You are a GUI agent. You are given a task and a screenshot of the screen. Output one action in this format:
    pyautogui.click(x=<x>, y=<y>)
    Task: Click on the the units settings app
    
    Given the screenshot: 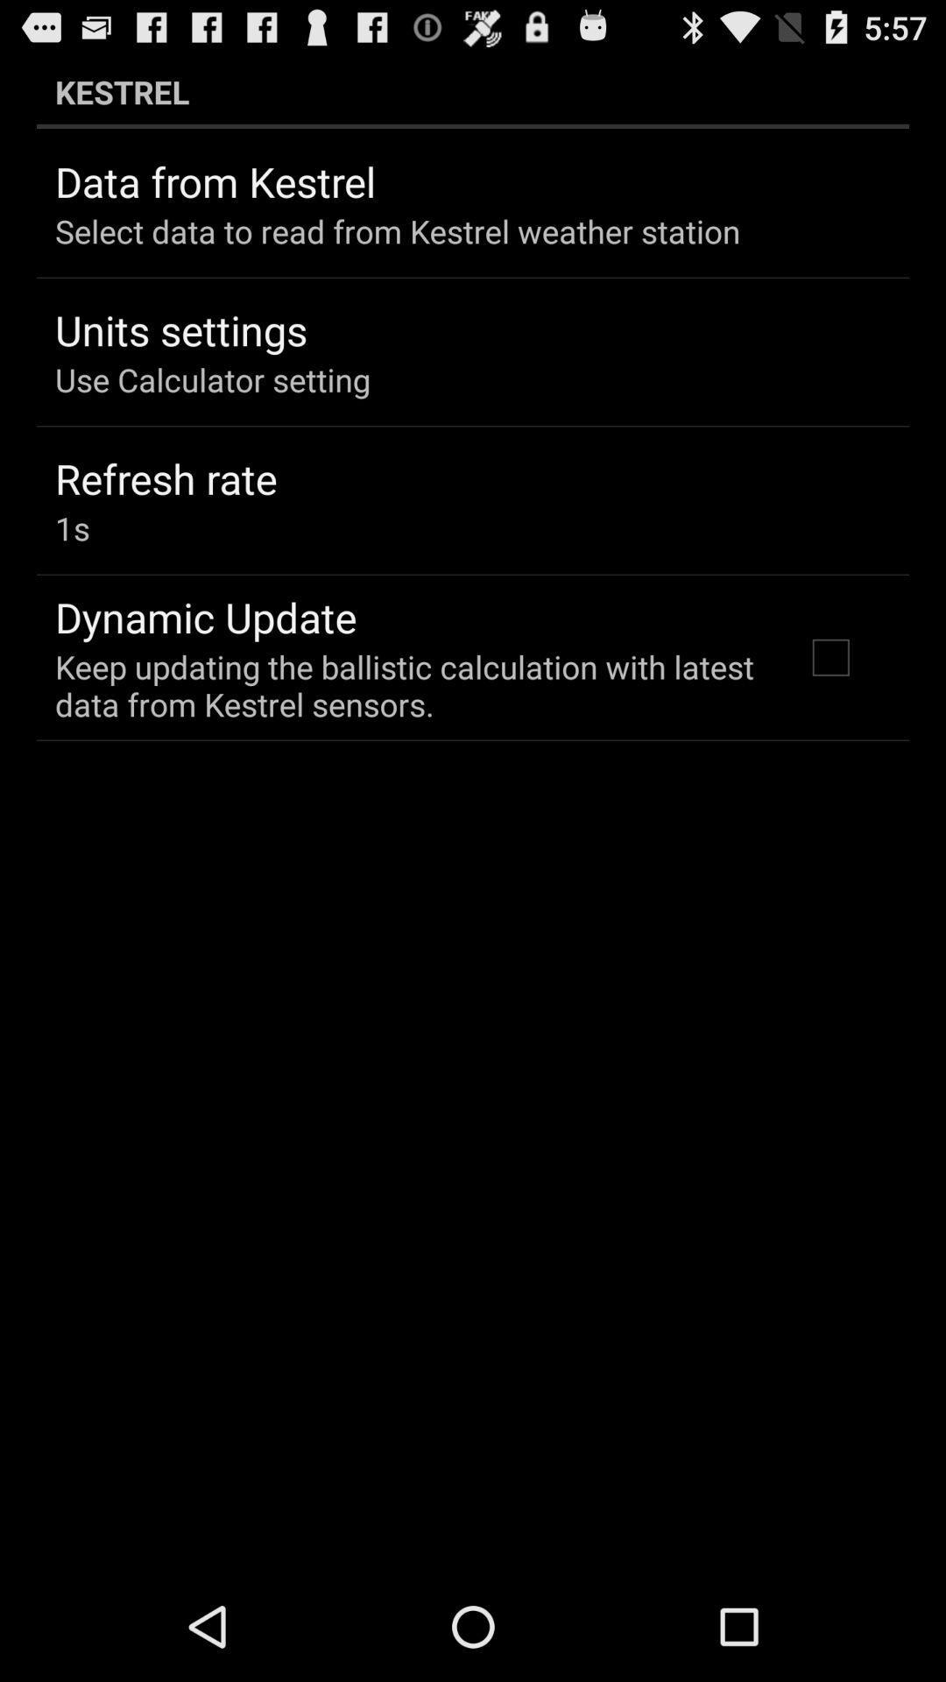 What is the action you would take?
    pyautogui.click(x=181, y=329)
    